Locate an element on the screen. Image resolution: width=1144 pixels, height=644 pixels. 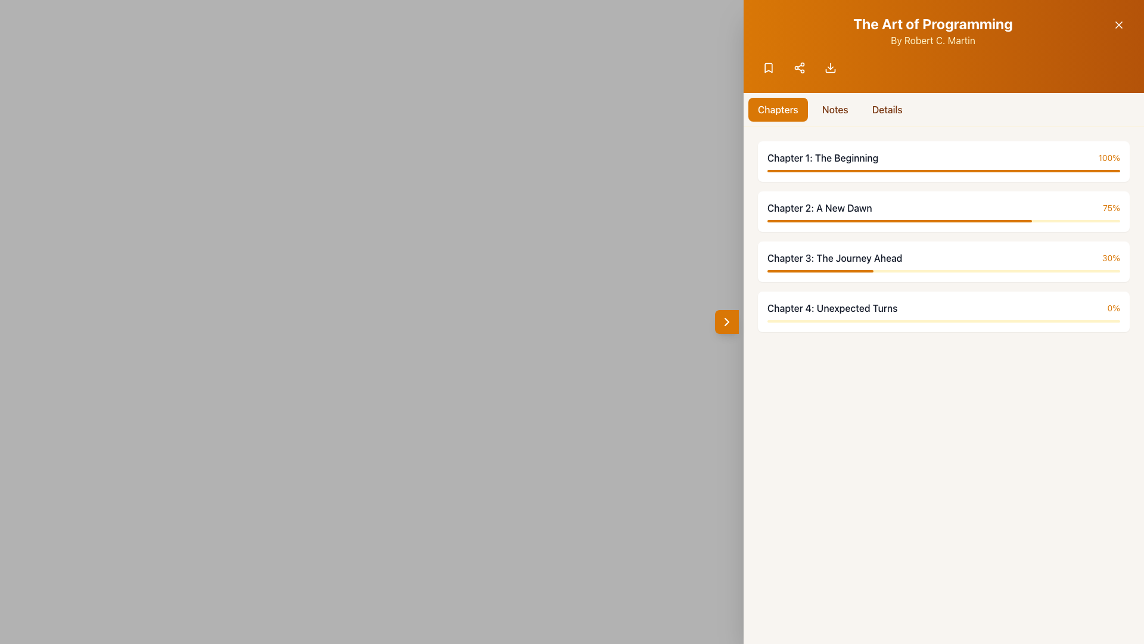
the bookmark icon located at the top-left area of the title bar is located at coordinates (769, 68).